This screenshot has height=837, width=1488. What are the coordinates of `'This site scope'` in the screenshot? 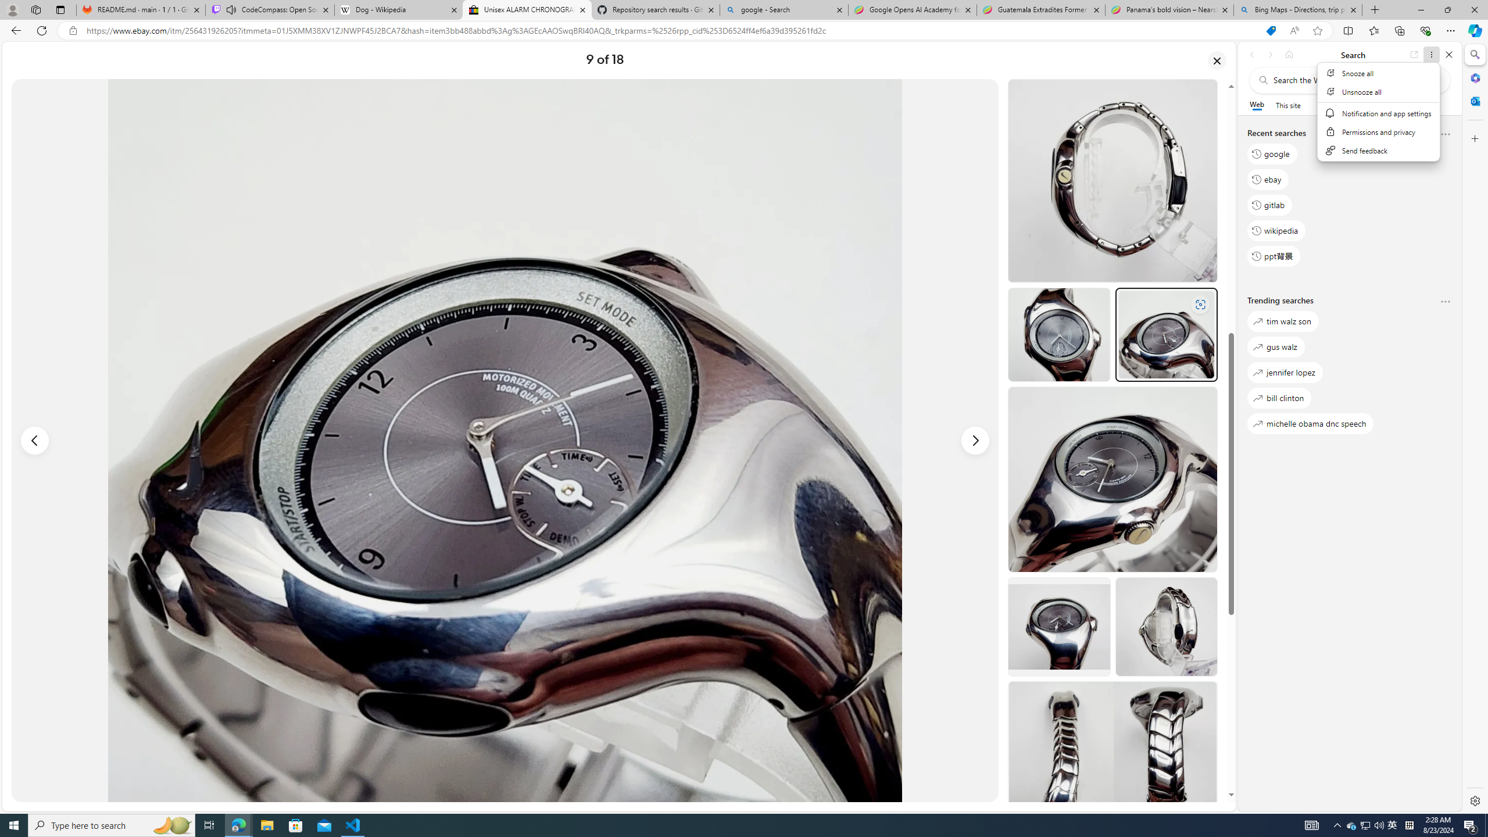 It's located at (1287, 105).